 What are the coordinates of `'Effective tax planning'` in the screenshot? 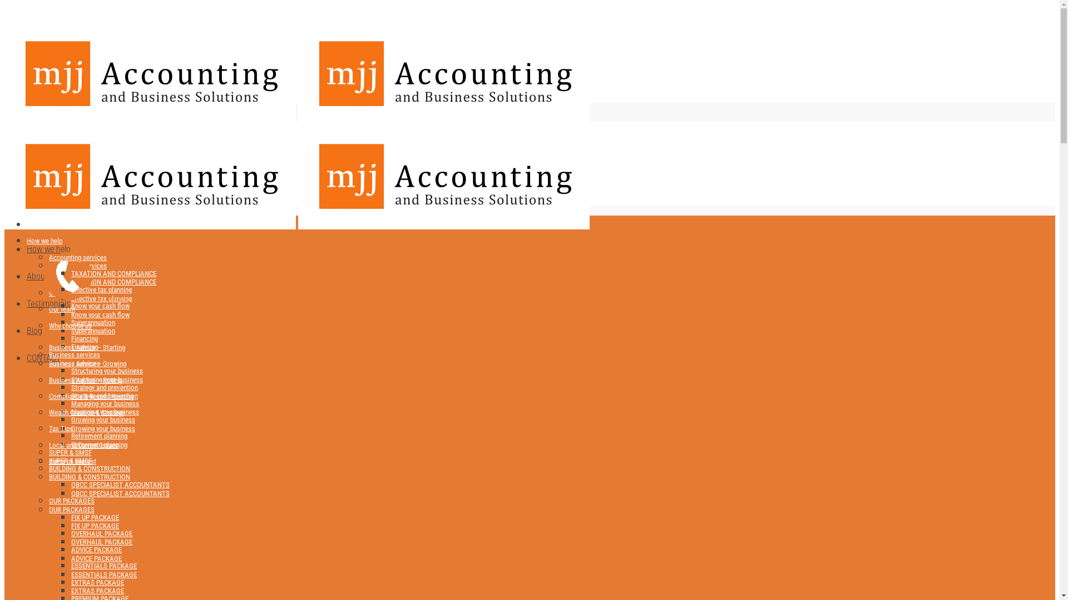 It's located at (101, 289).